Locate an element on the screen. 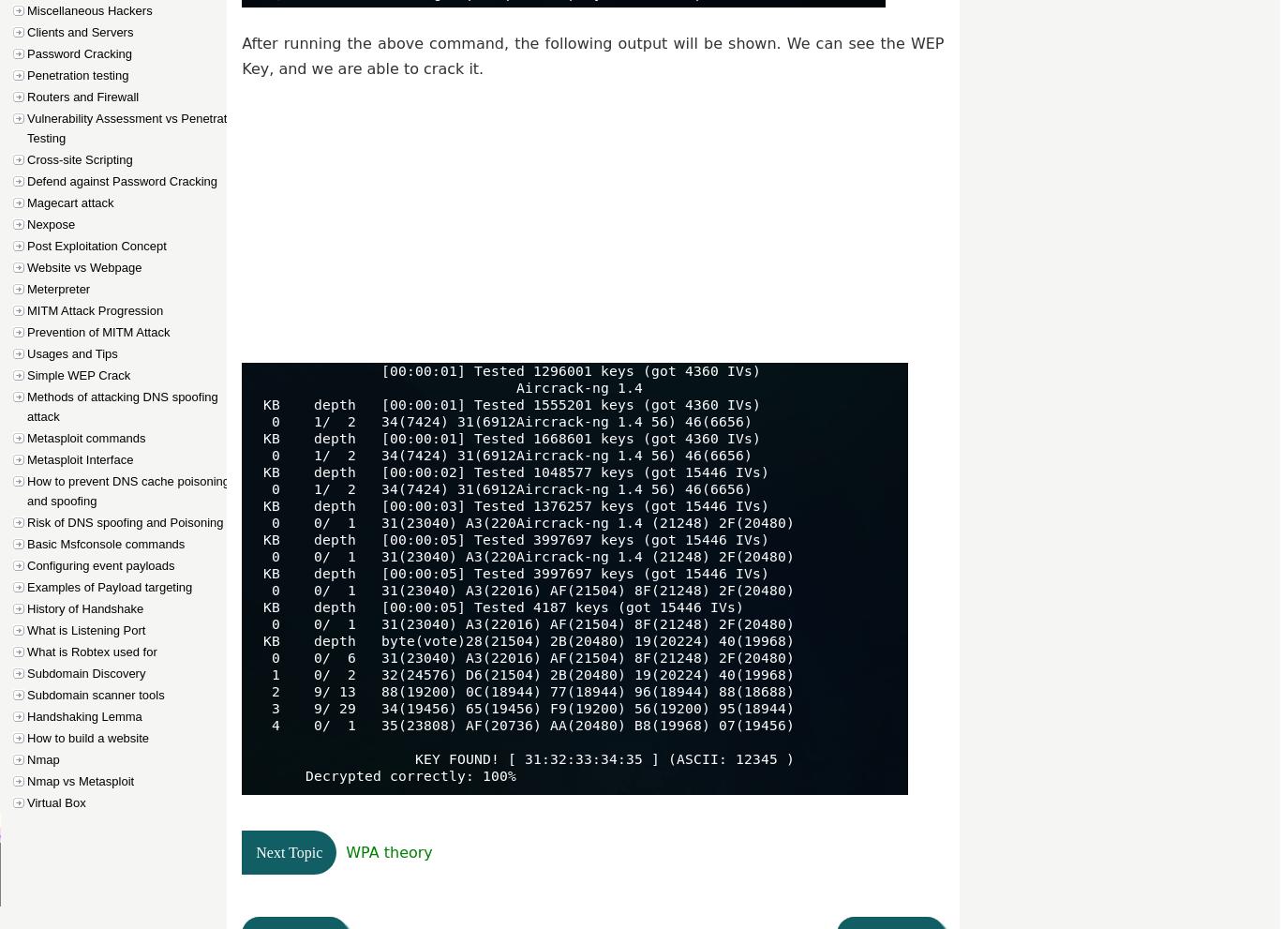 The height and width of the screenshot is (929, 1282). 'Cross-site Scripting' is located at coordinates (79, 159).